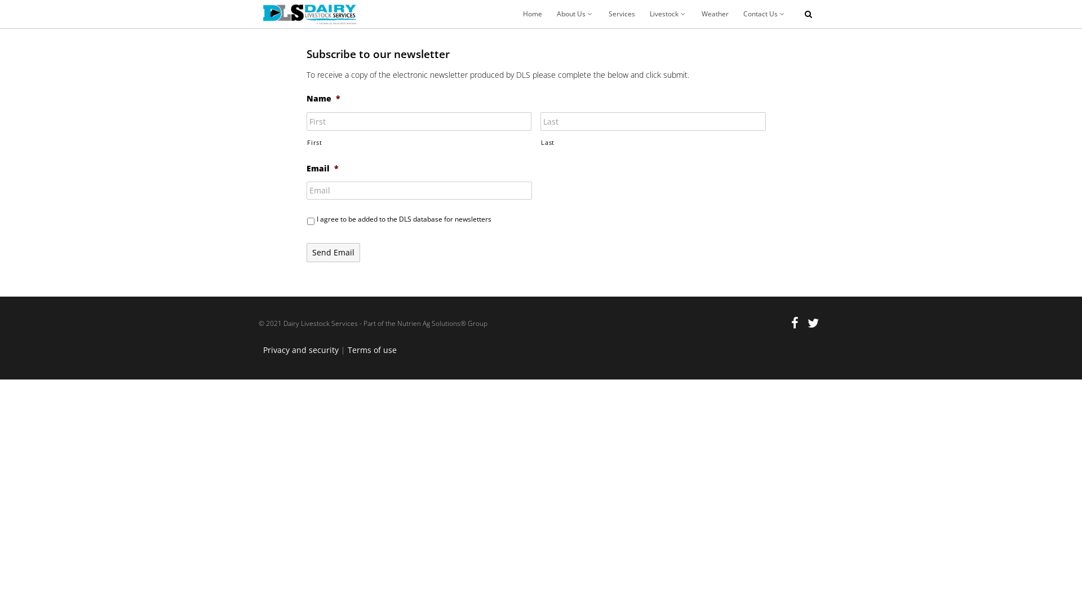 The image size is (1082, 609). Describe the element at coordinates (668, 14) in the screenshot. I see `'Livestock'` at that location.